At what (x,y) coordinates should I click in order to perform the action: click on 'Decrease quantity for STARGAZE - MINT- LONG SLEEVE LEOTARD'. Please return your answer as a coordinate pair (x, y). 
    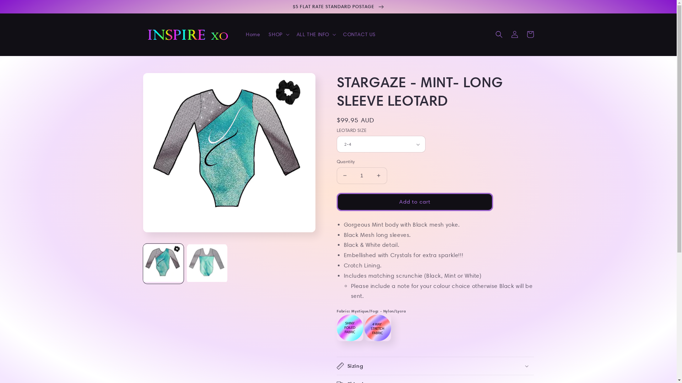
    Looking at the image, I should click on (345, 176).